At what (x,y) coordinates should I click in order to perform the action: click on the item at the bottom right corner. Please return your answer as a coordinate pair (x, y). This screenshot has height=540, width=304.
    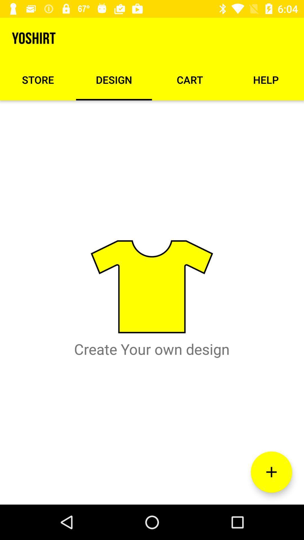
    Looking at the image, I should click on (271, 472).